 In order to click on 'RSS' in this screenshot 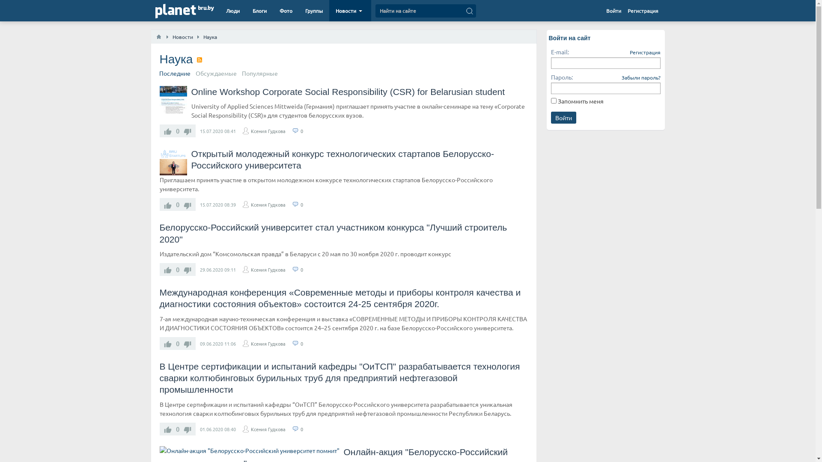, I will do `click(199, 59)`.